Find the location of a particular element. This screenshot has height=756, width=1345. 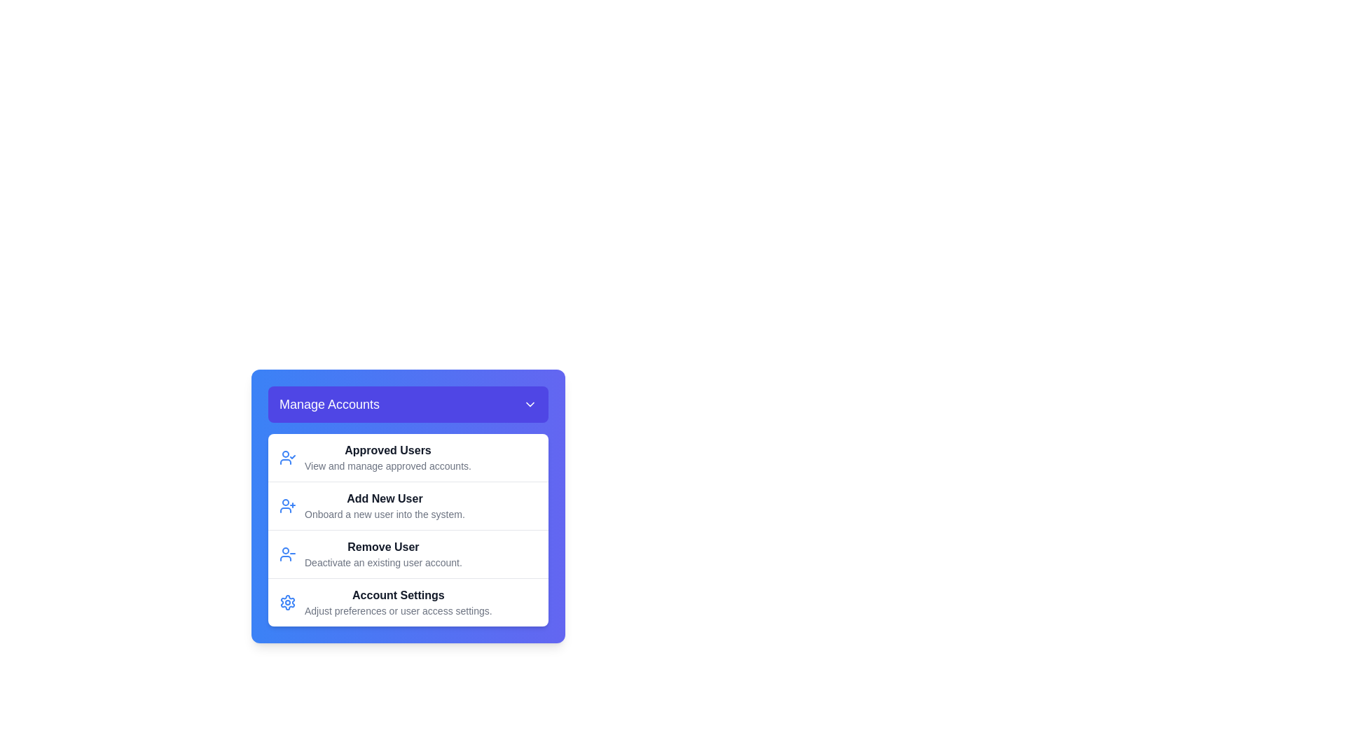

the 'Approved Users' icon located to the left of the text 'Approved Users' and above the description 'View and manage approved accounts' is located at coordinates (287, 458).